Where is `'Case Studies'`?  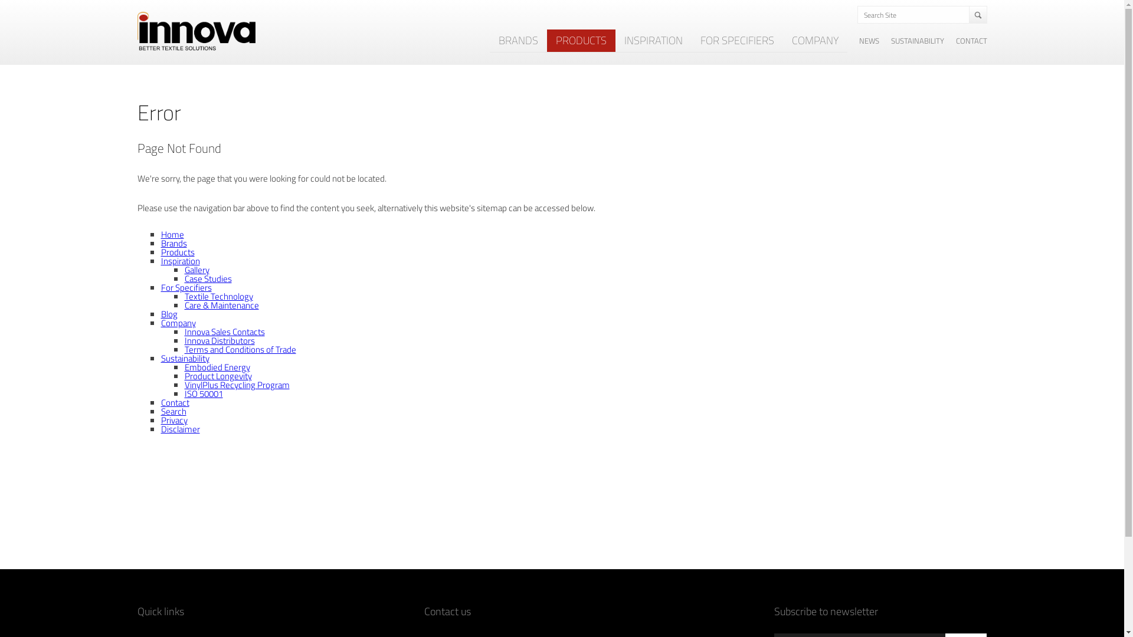 'Case Studies' is located at coordinates (207, 278).